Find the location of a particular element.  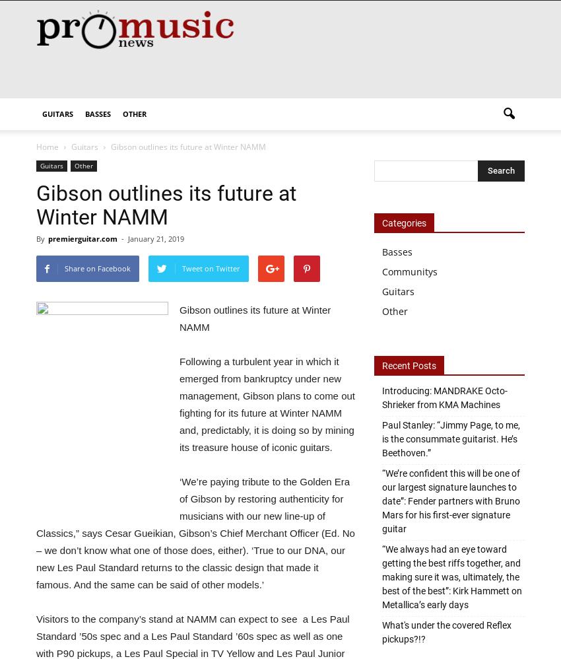

'Communitys' is located at coordinates (409, 271).